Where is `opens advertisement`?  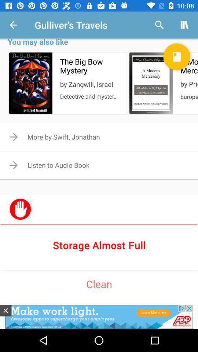
opens advertisement is located at coordinates (99, 316).